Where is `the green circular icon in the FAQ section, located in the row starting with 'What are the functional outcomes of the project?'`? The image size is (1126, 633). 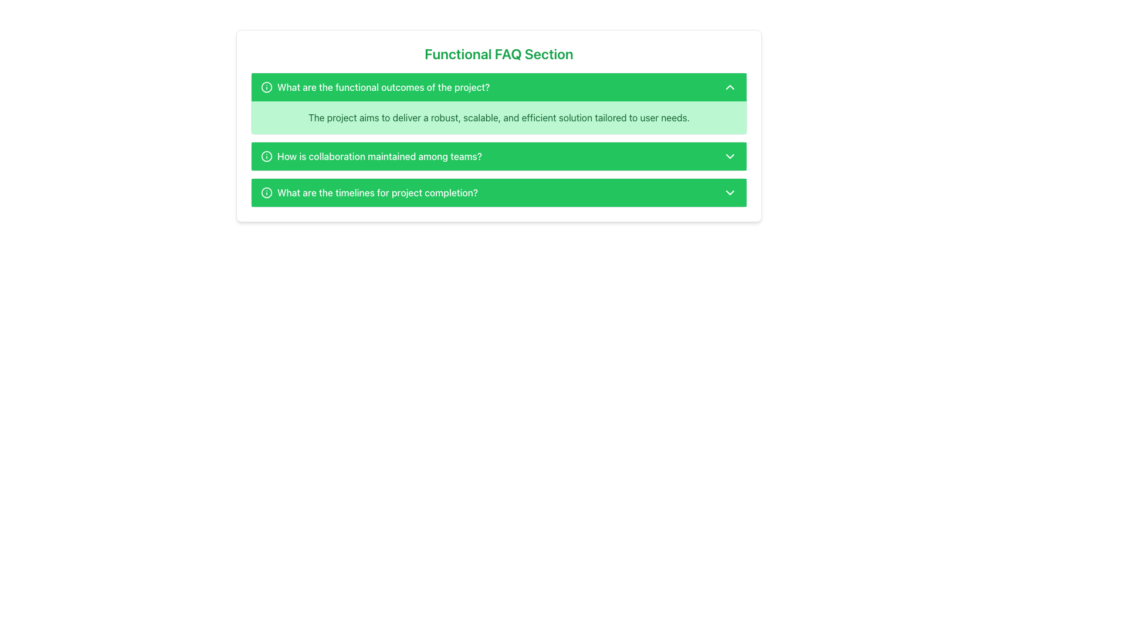 the green circular icon in the FAQ section, located in the row starting with 'What are the functional outcomes of the project?' is located at coordinates (266, 87).